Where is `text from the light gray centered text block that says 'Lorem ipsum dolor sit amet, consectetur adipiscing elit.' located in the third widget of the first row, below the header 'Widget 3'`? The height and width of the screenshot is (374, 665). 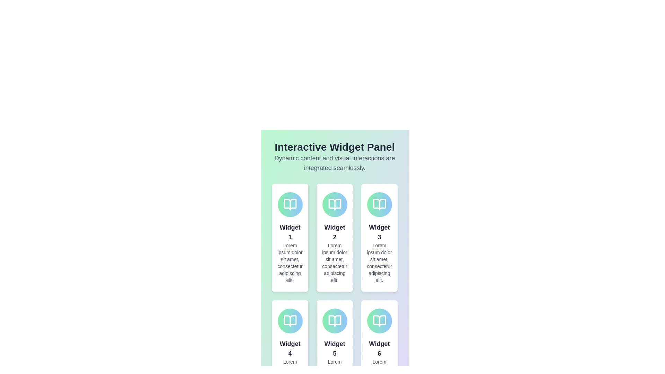
text from the light gray centered text block that says 'Lorem ipsum dolor sit amet, consectetur adipiscing elit.' located in the third widget of the first row, below the header 'Widget 3' is located at coordinates (379, 263).